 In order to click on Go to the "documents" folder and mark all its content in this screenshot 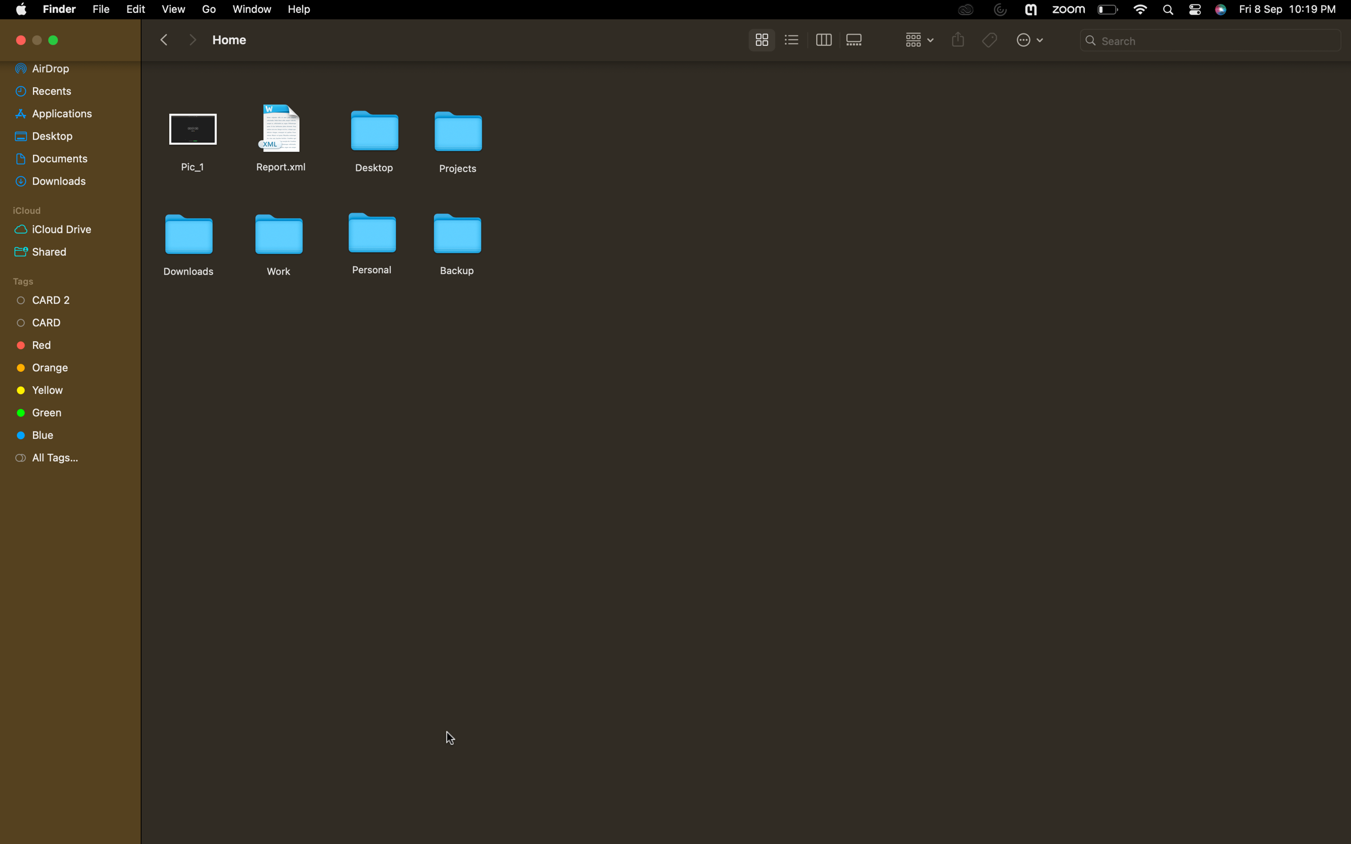, I will do `click(66, 156)`.